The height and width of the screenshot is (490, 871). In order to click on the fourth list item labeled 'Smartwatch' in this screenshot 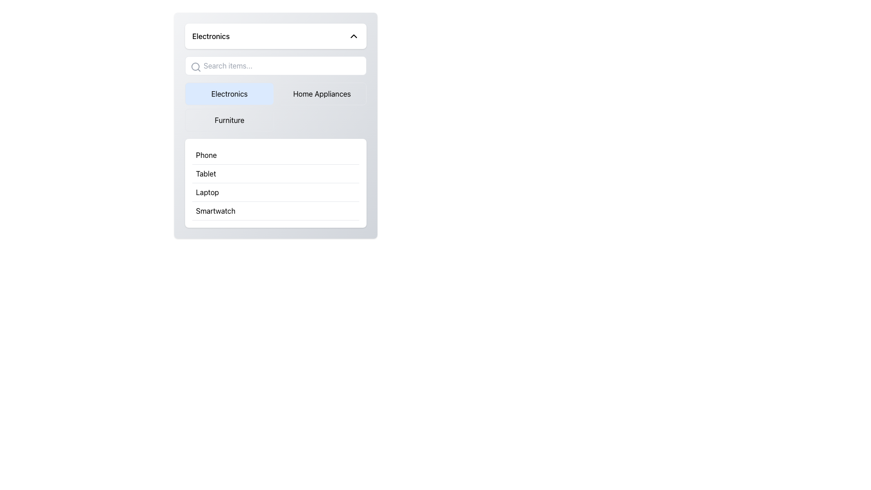, I will do `click(275, 211)`.